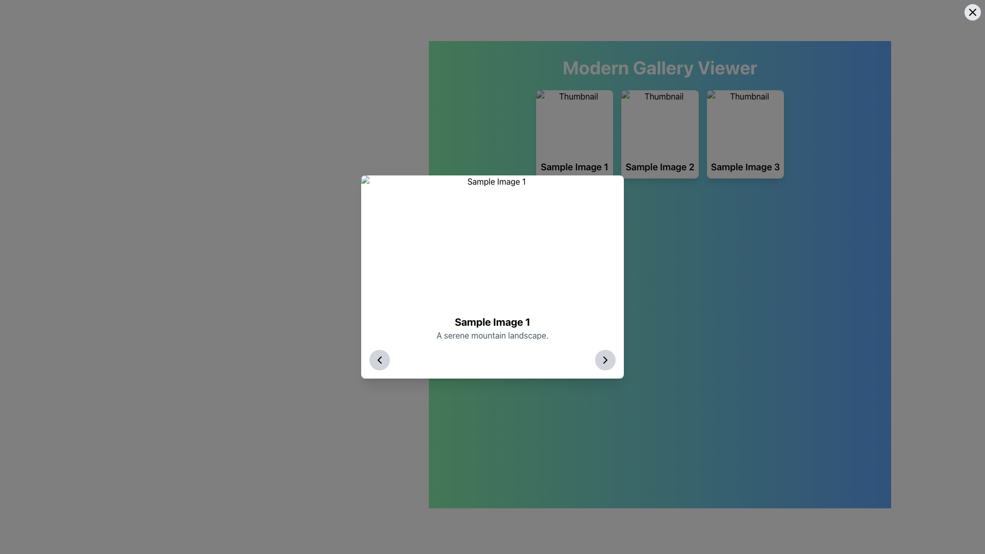 The image size is (985, 554). I want to click on the image thumbnail labeled 'Thumbnail' in the gallery viewer, which is located at the top section of the card labeled 'Sample Image 2', so click(660, 122).